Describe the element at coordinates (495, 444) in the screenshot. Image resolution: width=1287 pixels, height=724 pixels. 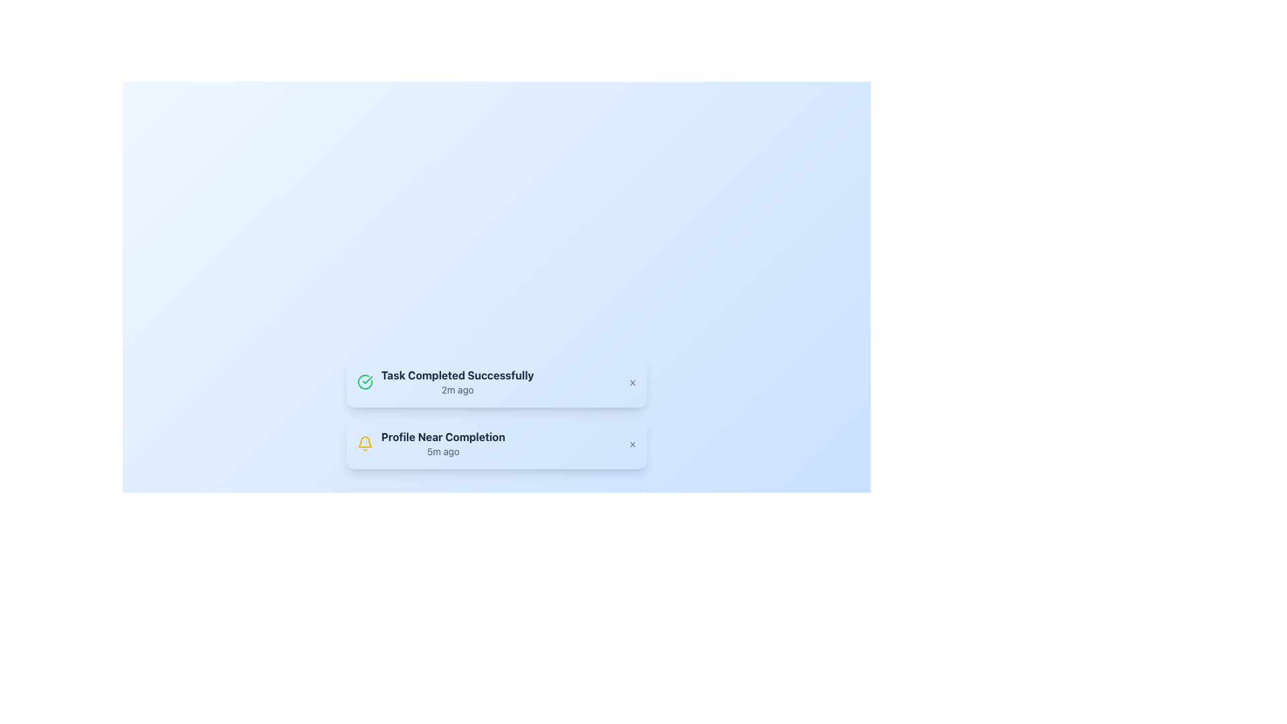
I see `the notification widget displaying 'Profile Near Completion' with a warning state, located below 'Task Completed Successfully'` at that location.